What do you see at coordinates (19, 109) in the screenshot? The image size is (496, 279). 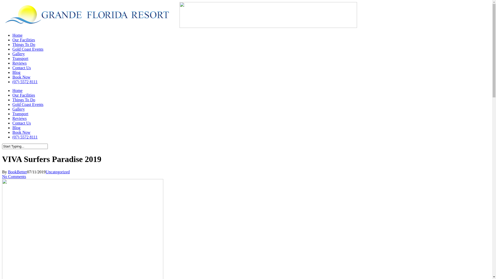 I see `'Gallery'` at bounding box center [19, 109].